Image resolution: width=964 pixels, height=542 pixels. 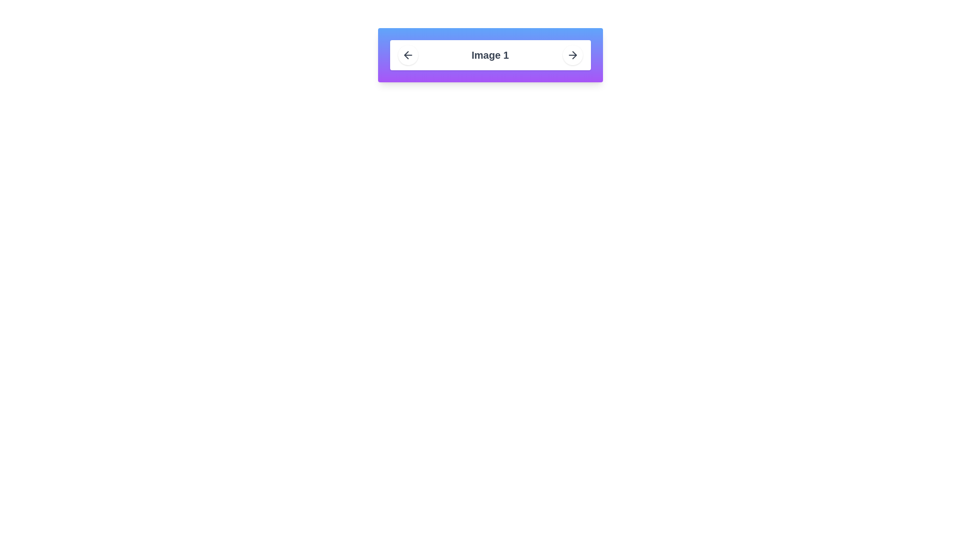 What do you see at coordinates (572, 55) in the screenshot?
I see `the circular button with a white background and a right-facing arrow icon located in the top-right corner of the navigation bar` at bounding box center [572, 55].